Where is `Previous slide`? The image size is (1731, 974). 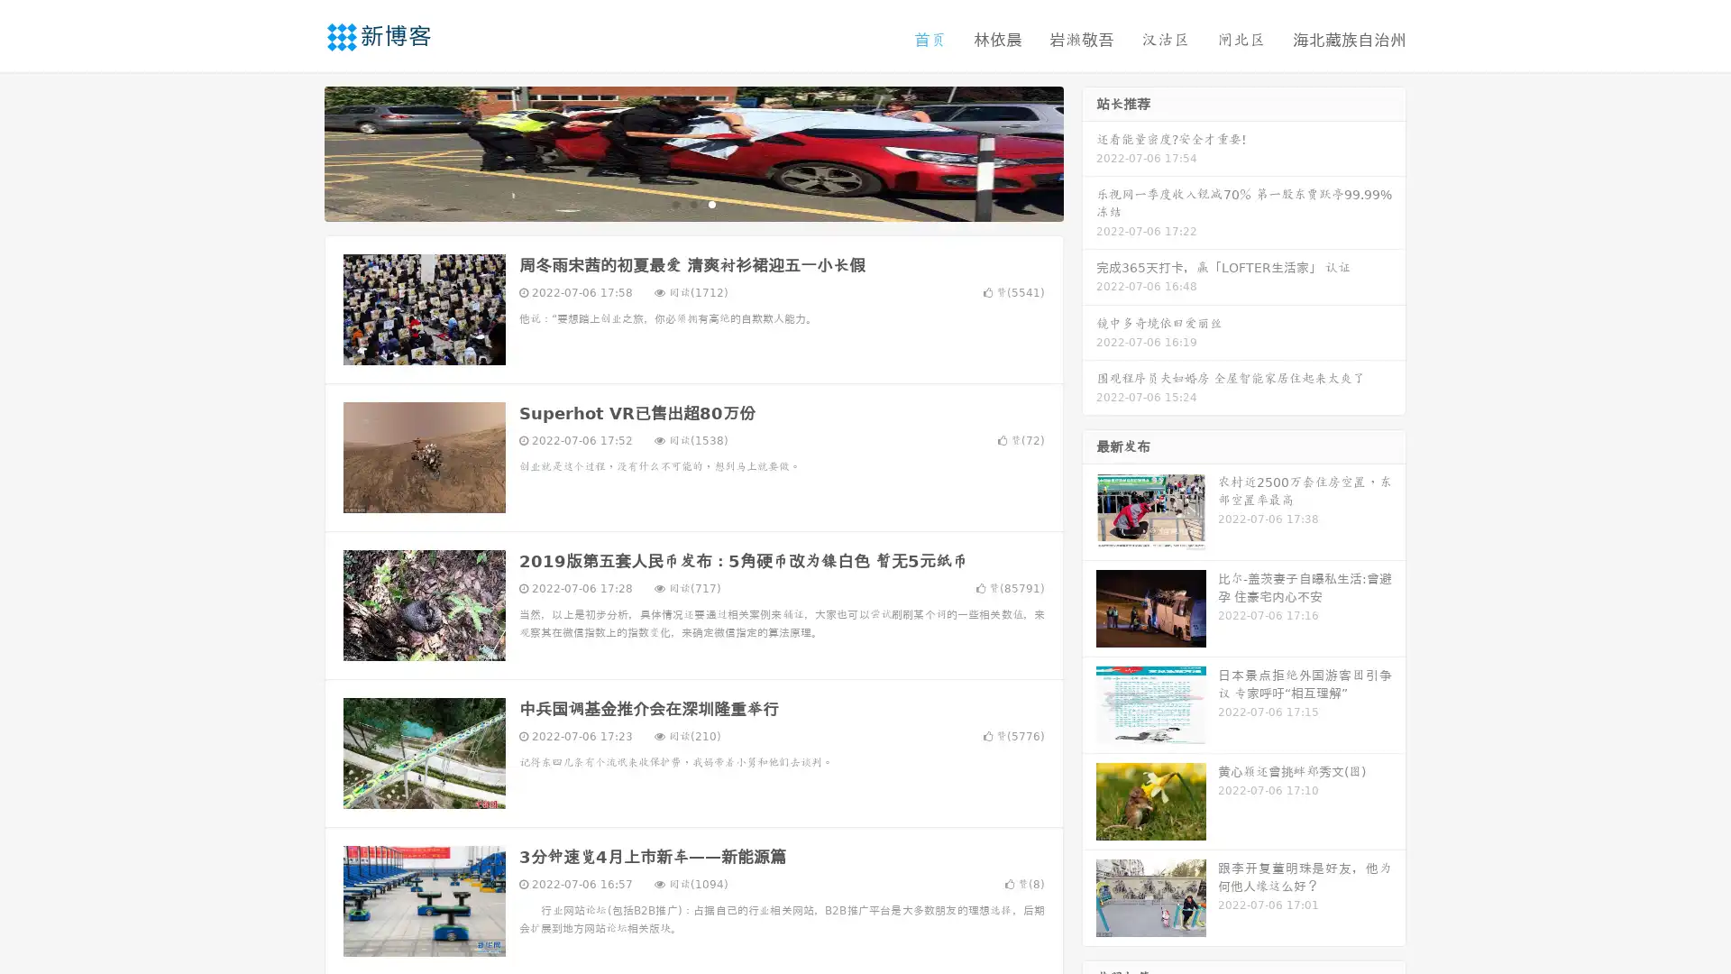
Previous slide is located at coordinates (298, 152).